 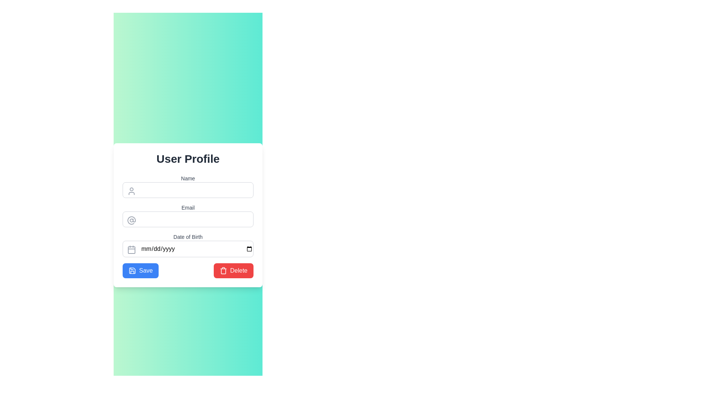 I want to click on text label indicating the purpose of the 'Save' button, which is located towards the right of the icon within the button structure at the bottom of the central form, so click(x=146, y=270).